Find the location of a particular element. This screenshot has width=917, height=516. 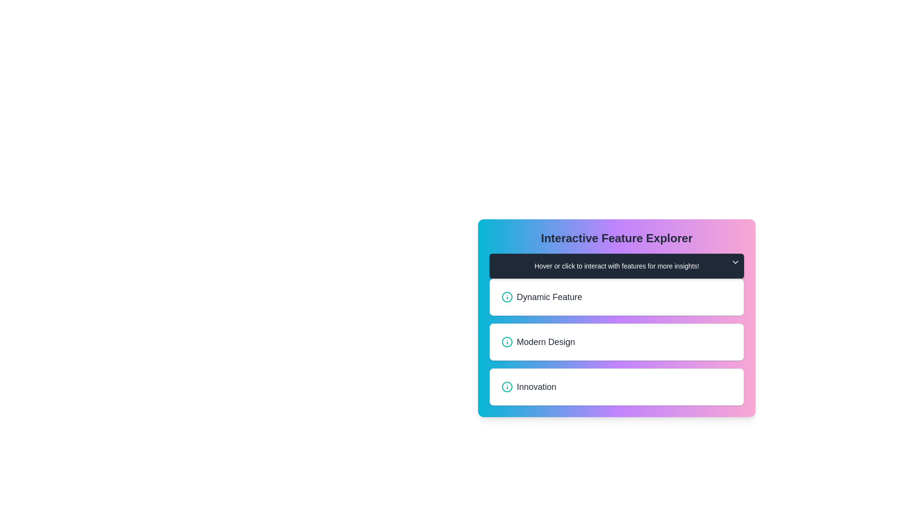

the leftmost icon in the 'Dynamic Feature' section, which serves as a visual indicator or button for interactive actions is located at coordinates (506, 296).